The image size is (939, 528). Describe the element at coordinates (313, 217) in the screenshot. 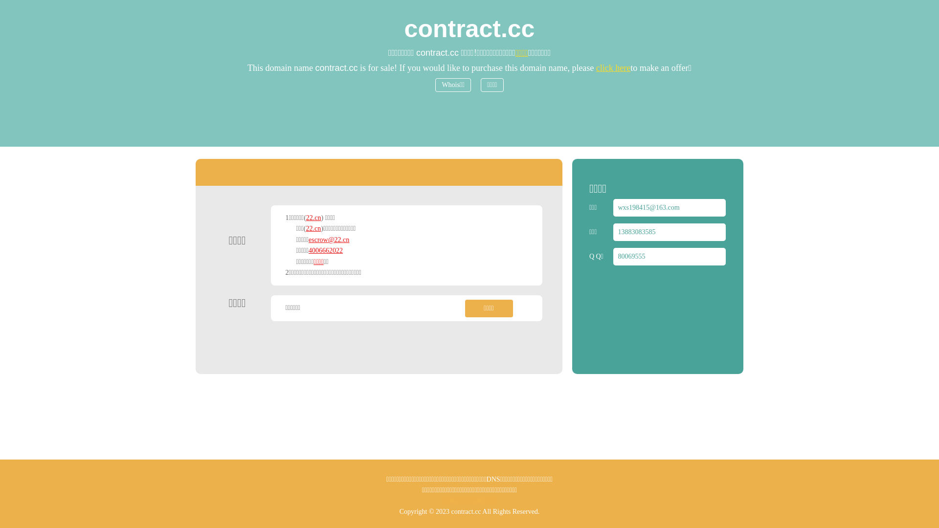

I see `'22.cn'` at that location.